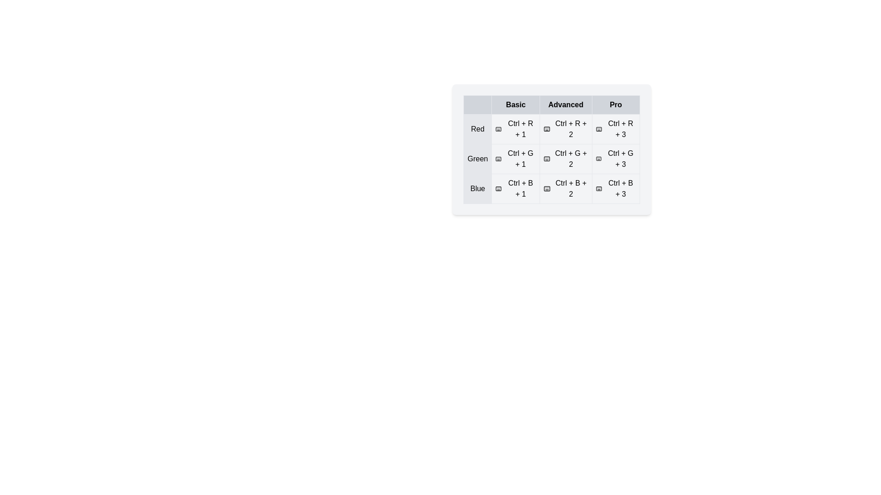  What do you see at coordinates (477, 159) in the screenshot?
I see `the label in the second row and first column of the tabular layout, which serves as a descriptor for a category or section` at bounding box center [477, 159].